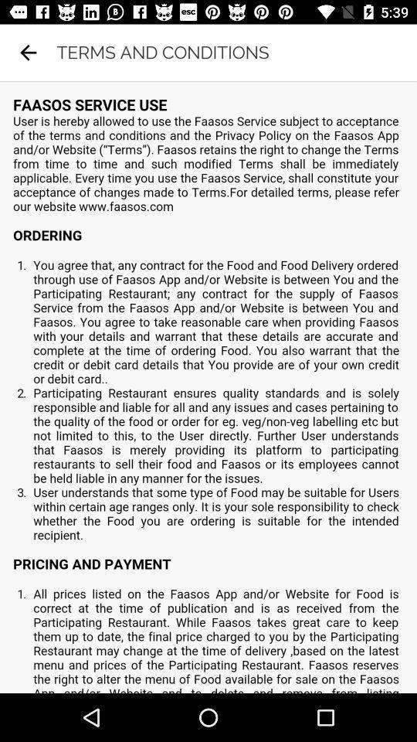 Image resolution: width=417 pixels, height=742 pixels. I want to click on terms and condittions page, so click(208, 386).